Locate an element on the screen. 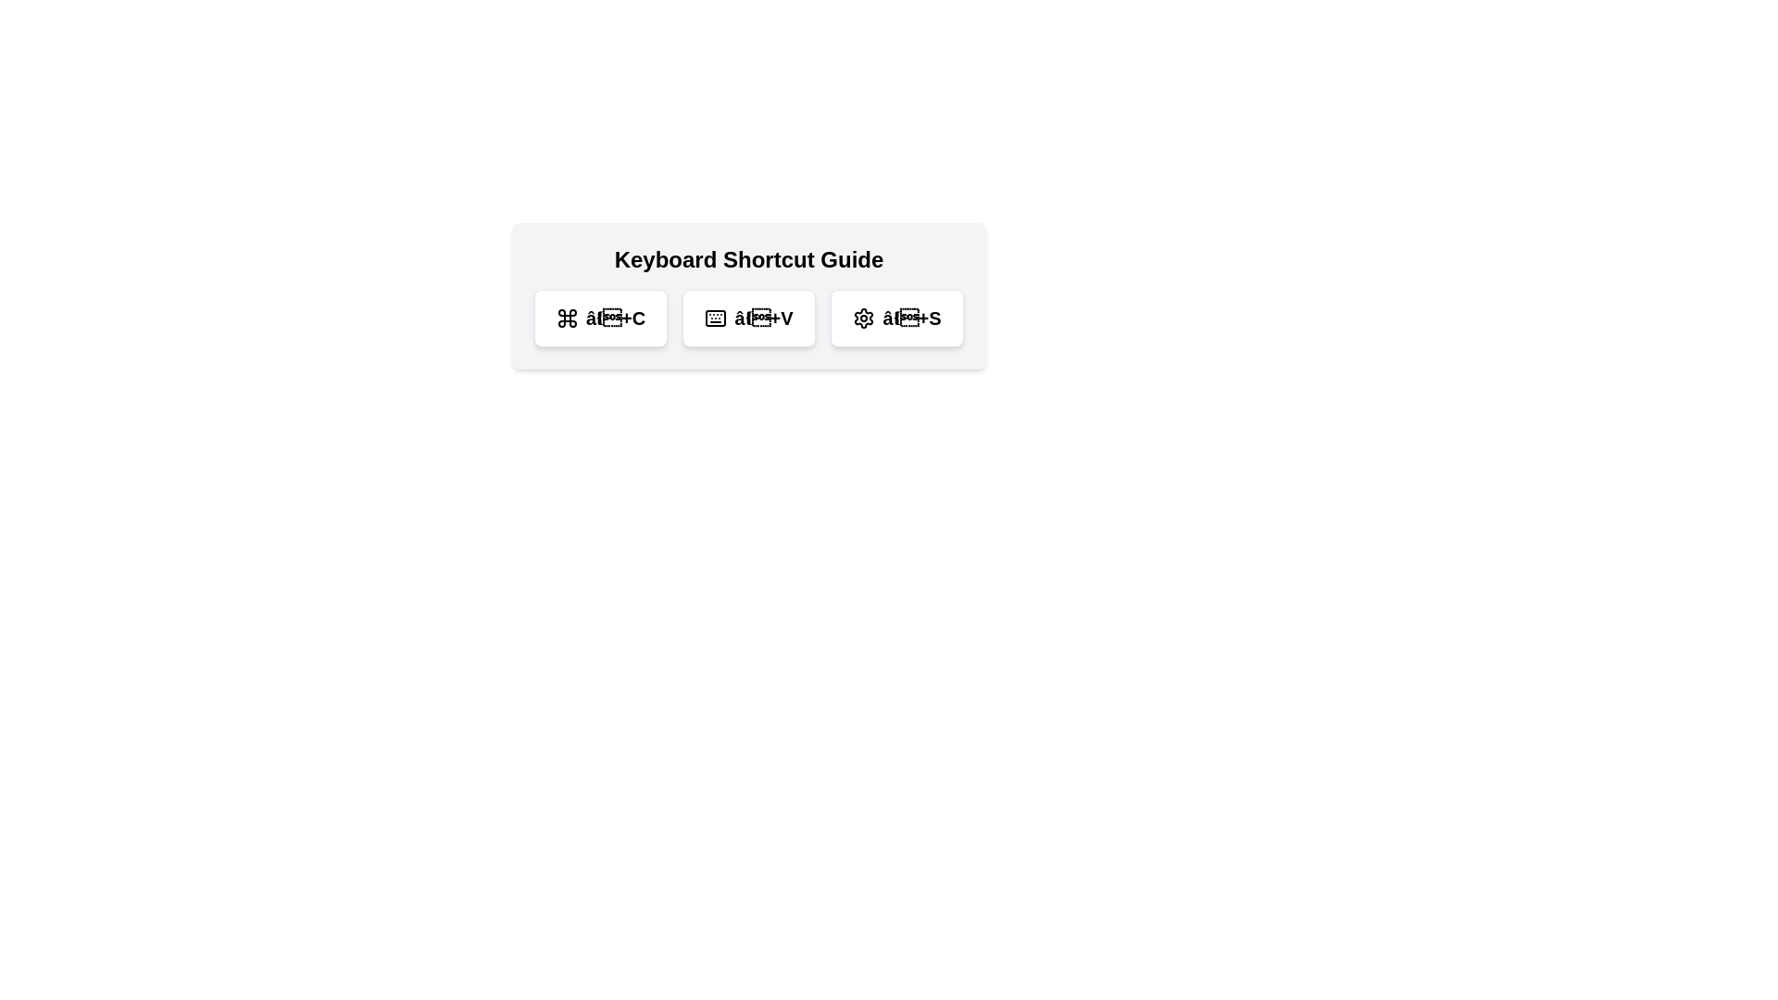  the second button in the Keyboard Shortcut Guide labeled for the '⌘+V' command is located at coordinates (749, 317).